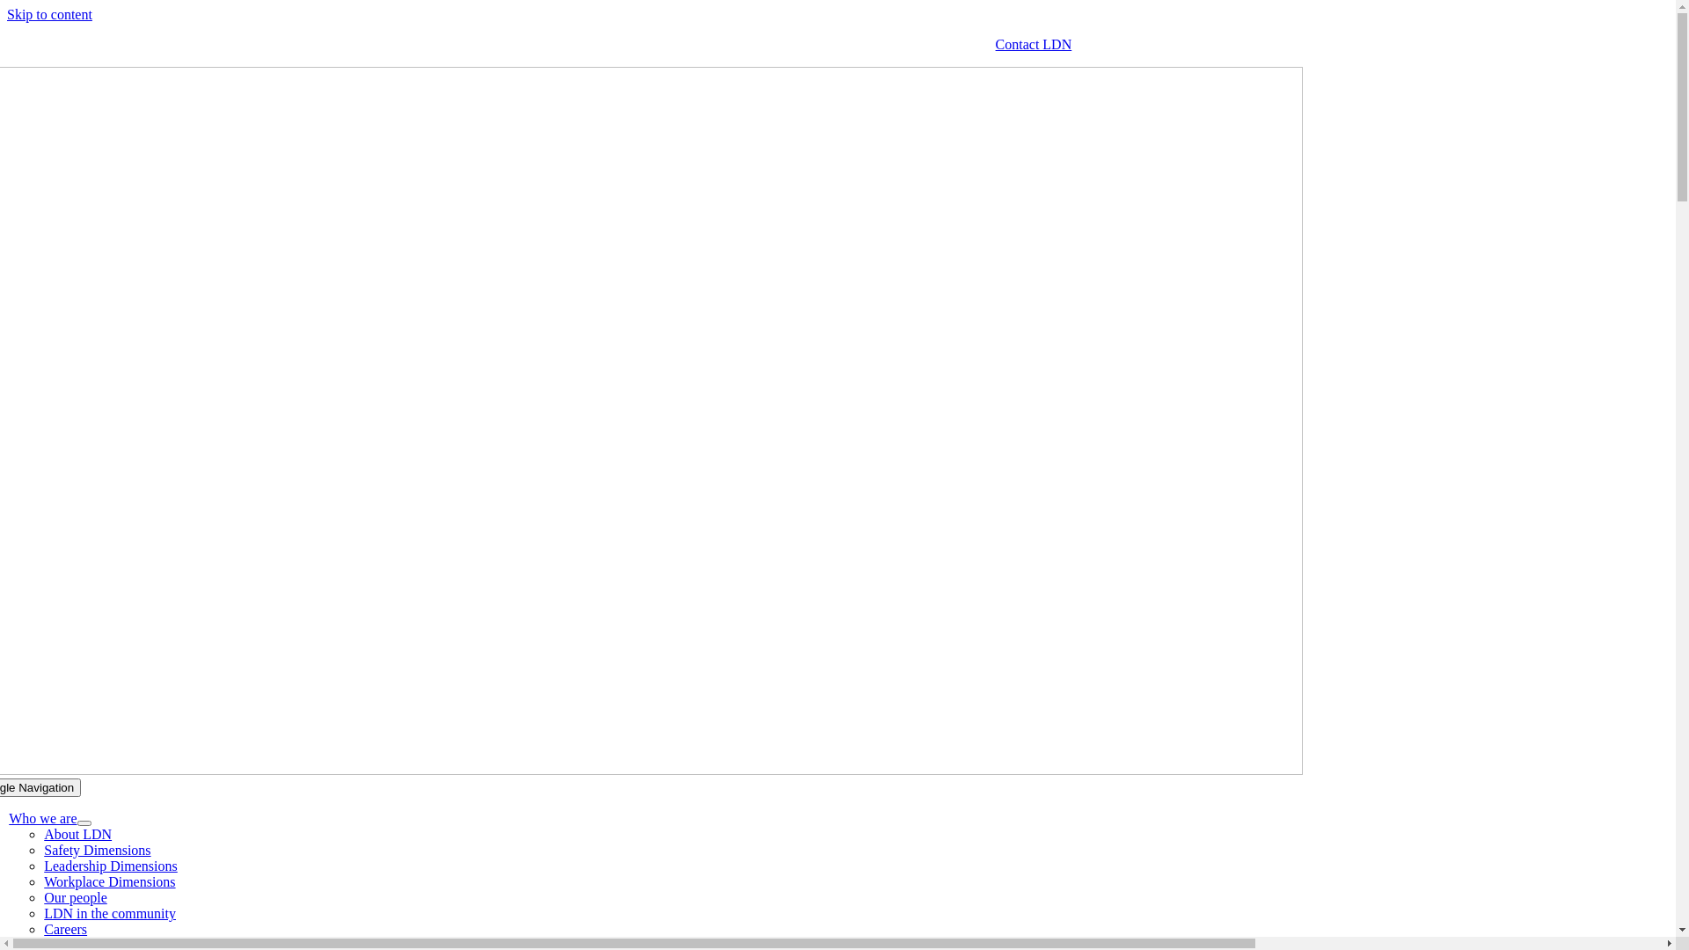  What do you see at coordinates (96, 849) in the screenshot?
I see `'Safety Dimensions'` at bounding box center [96, 849].